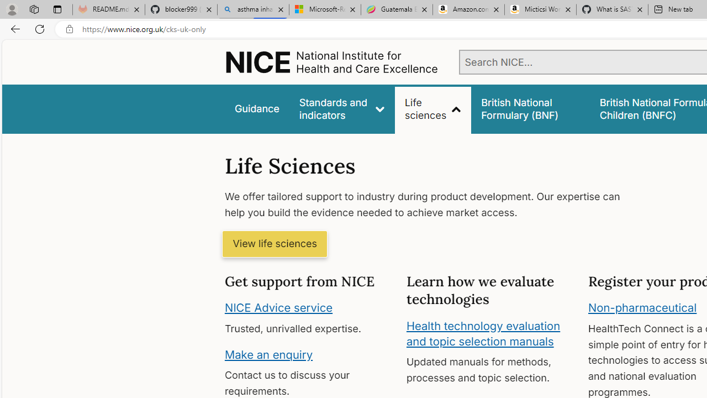 The height and width of the screenshot is (398, 707). Describe the element at coordinates (530, 109) in the screenshot. I see `'false'` at that location.